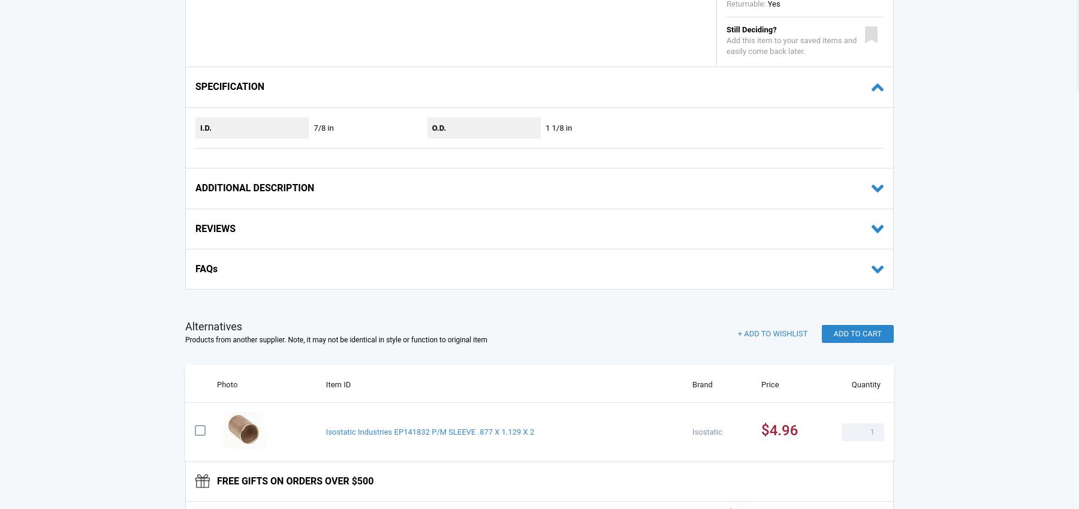 The image size is (1079, 509). Describe the element at coordinates (791, 46) in the screenshot. I see `'Add this item to your saved items and easily come back later.'` at that location.